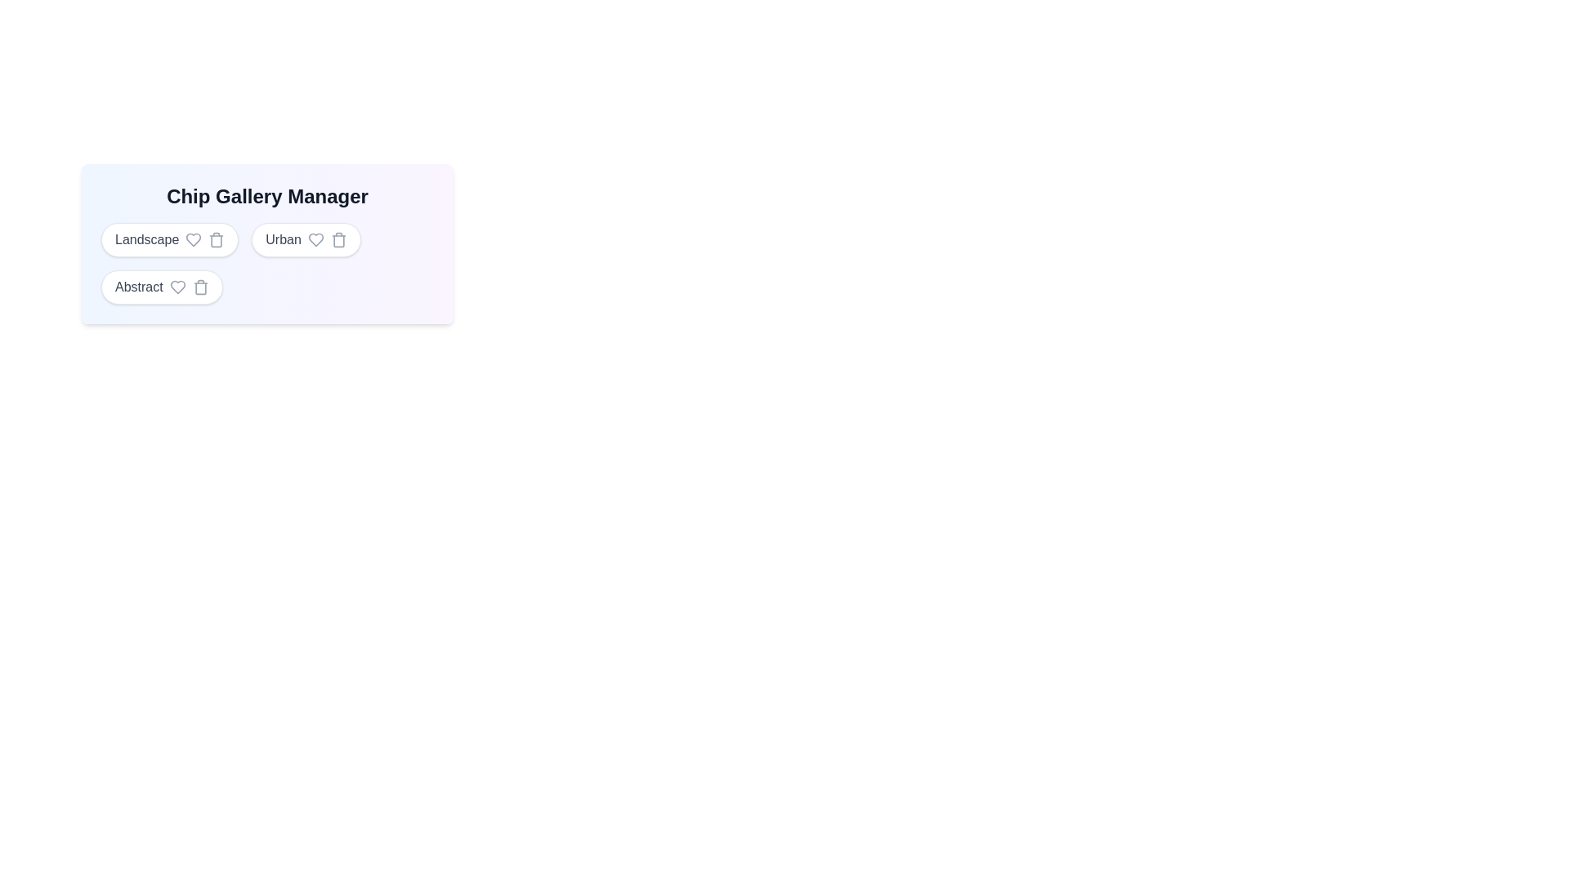 Image resolution: width=1569 pixels, height=882 pixels. I want to click on the heart icon of the chip labeled Urban to toggle its liked state, so click(315, 239).